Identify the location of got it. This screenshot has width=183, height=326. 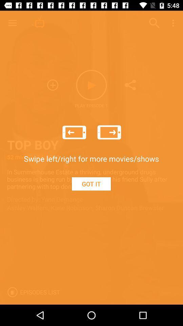
(91, 184).